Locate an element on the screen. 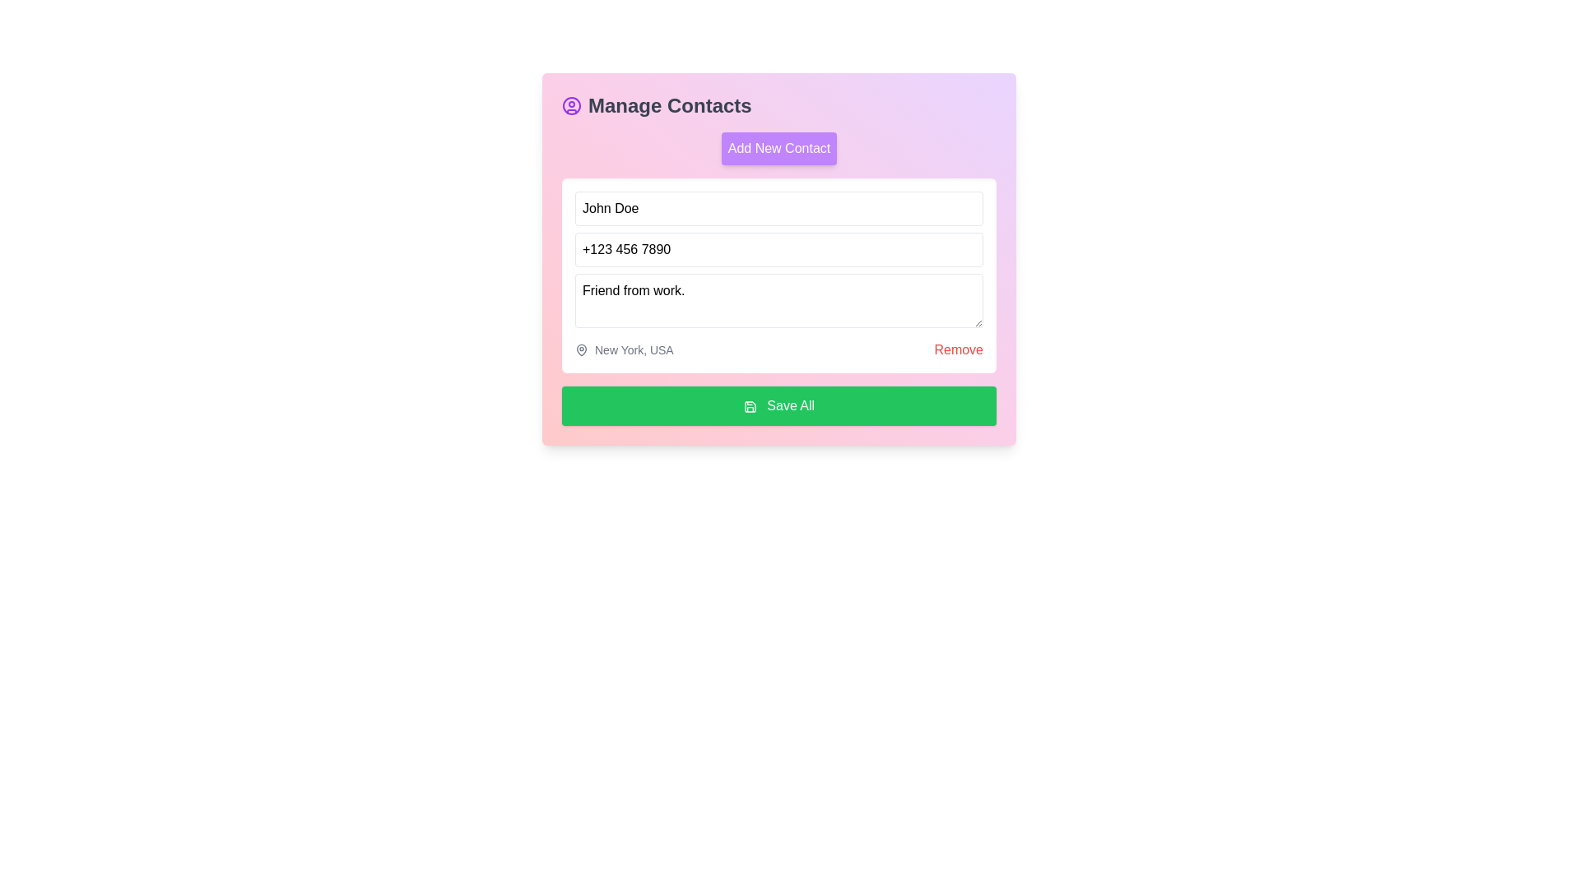 This screenshot has height=888, width=1580. the decorative circular outline element of the user-associated icon located to the left of the 'Manage Contacts' title is located at coordinates (572, 105).